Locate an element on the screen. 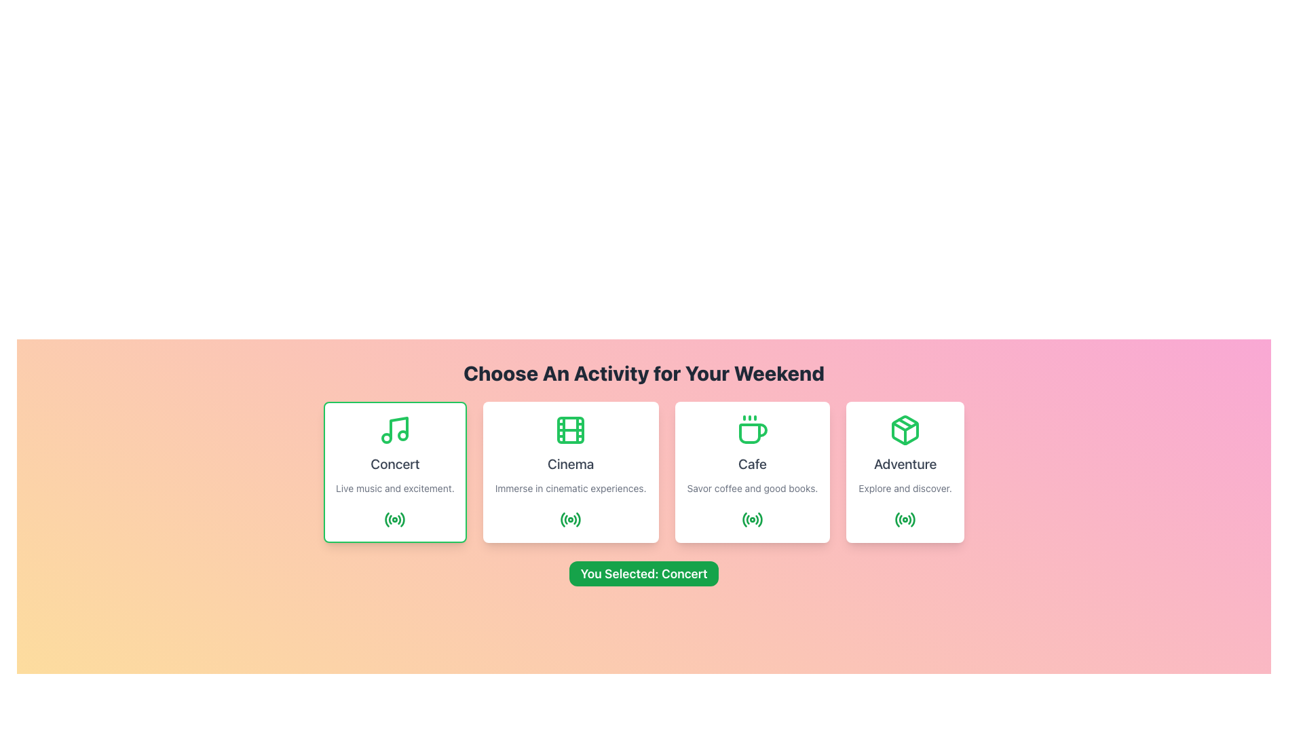 This screenshot has width=1303, height=733. the 'Concert' Text Label, which serves as a header in the green-bordered card, positioned above the text 'Live music and excitement.' is located at coordinates (394, 463).